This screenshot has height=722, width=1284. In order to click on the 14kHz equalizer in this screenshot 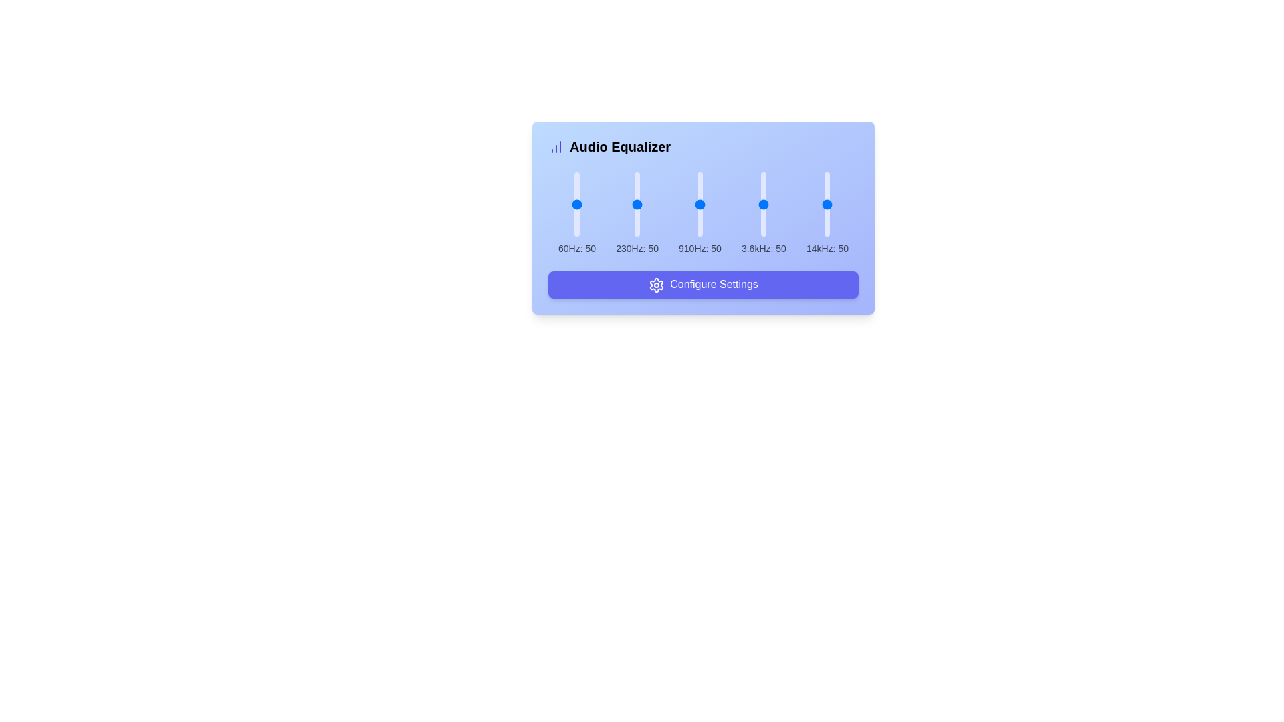, I will do `click(827, 177)`.